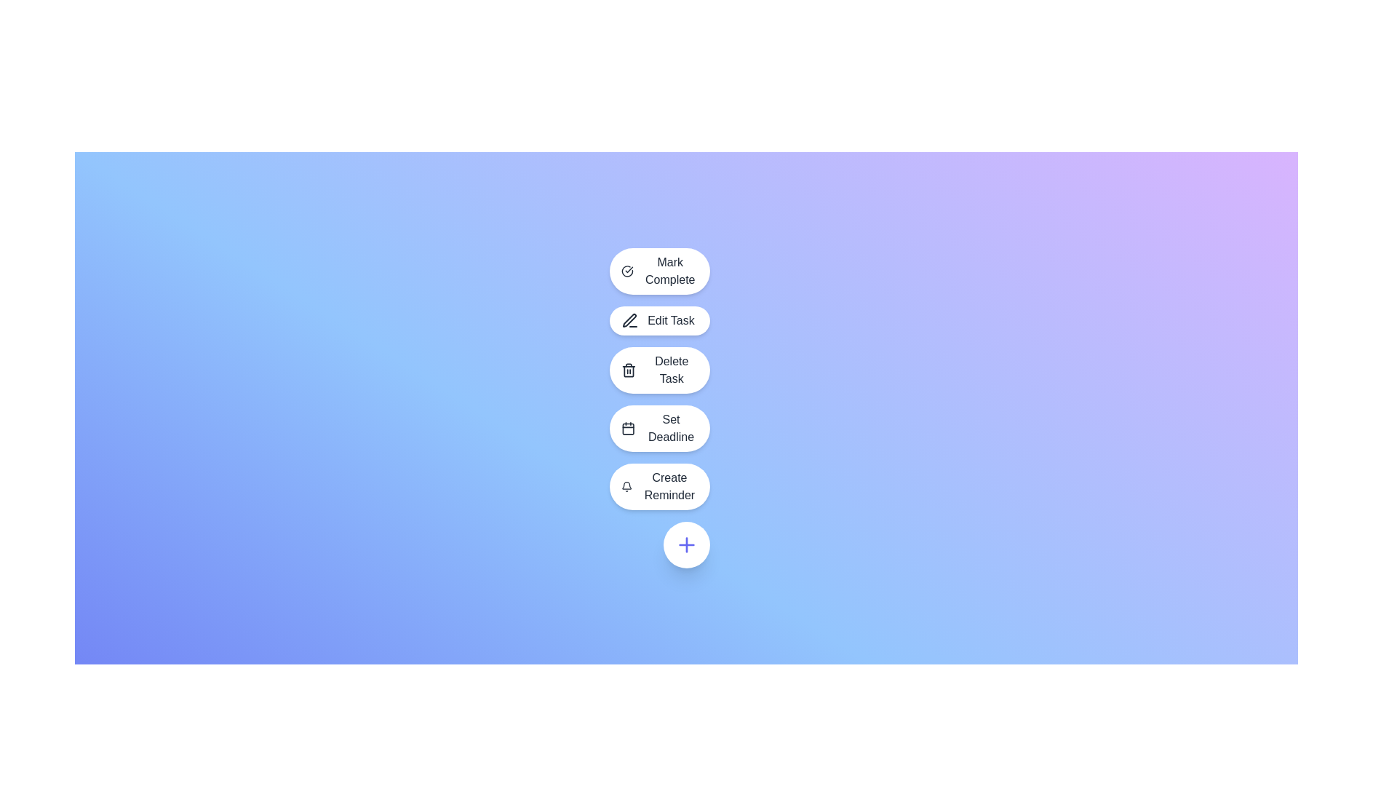  I want to click on the bell icon representing the 'Create Reminder' action, which is located on the left side of the oval button in the vertical menu of actions, so click(626, 486).